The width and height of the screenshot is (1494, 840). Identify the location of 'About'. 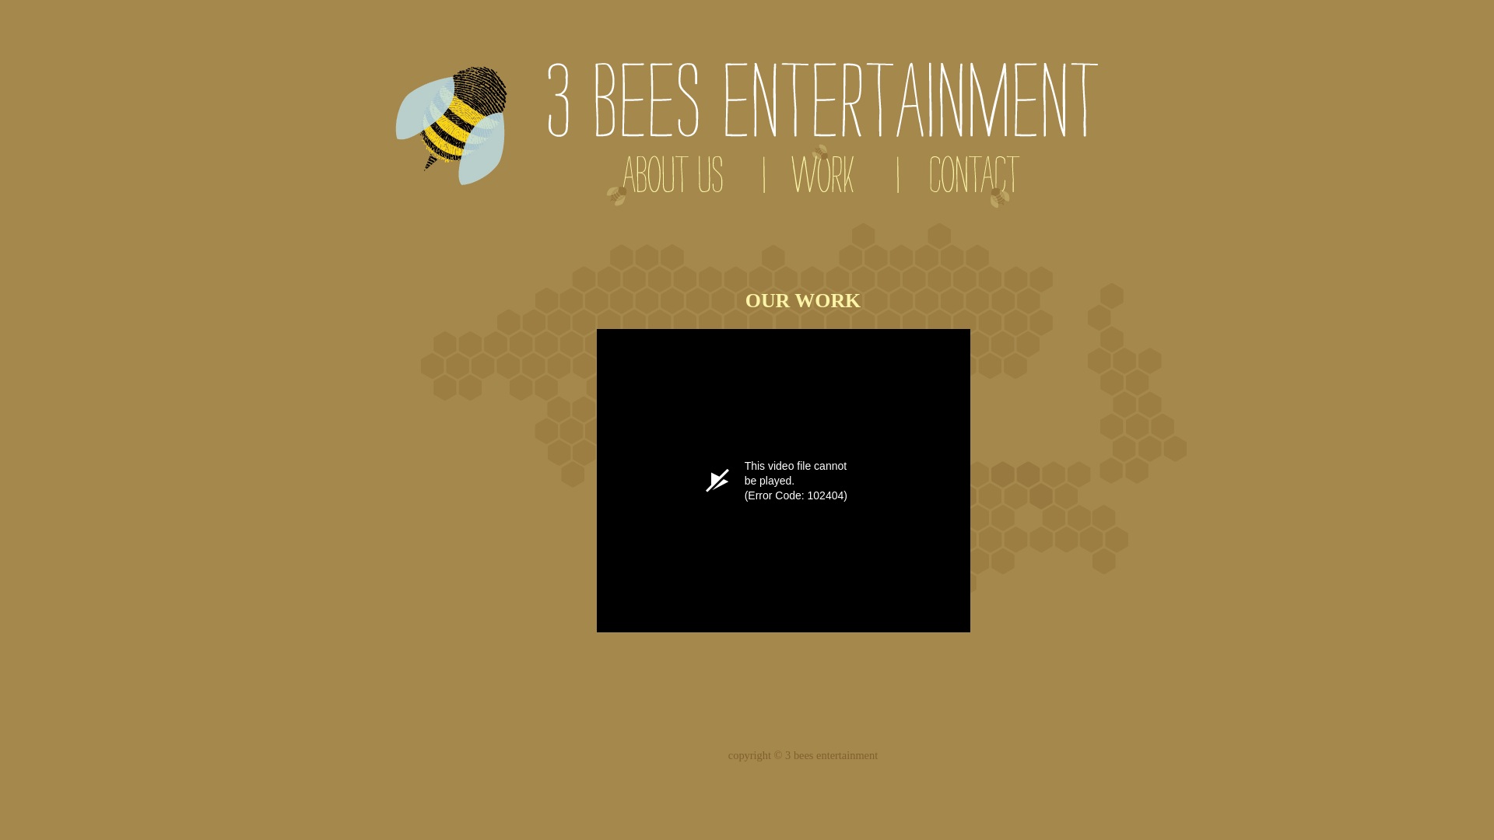
(663, 179).